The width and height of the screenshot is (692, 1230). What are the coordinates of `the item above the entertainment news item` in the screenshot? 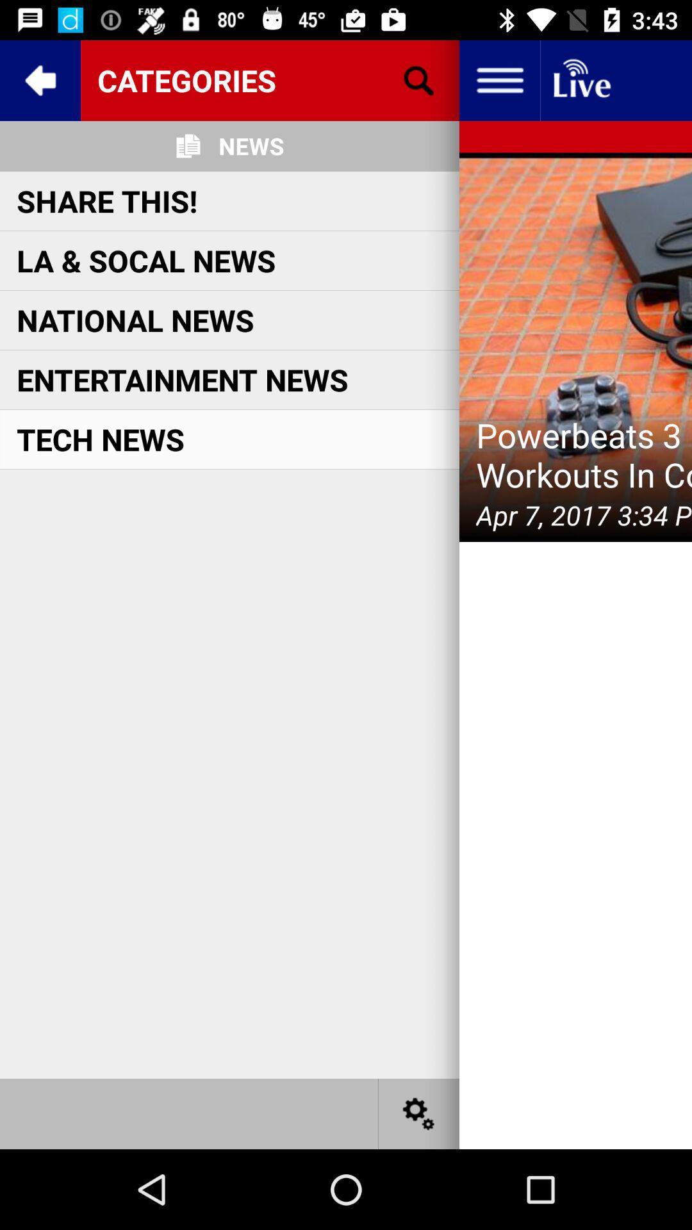 It's located at (135, 320).